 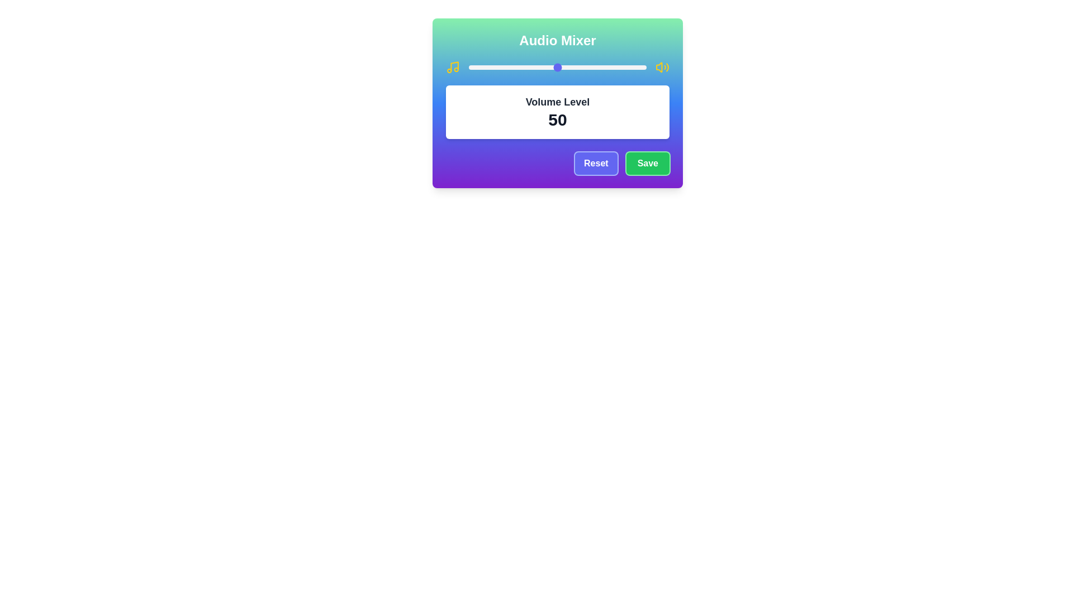 What do you see at coordinates (595, 164) in the screenshot?
I see `the rectangular 'Reset' button with rounded corners, filled with an indigo gradient shade` at bounding box center [595, 164].